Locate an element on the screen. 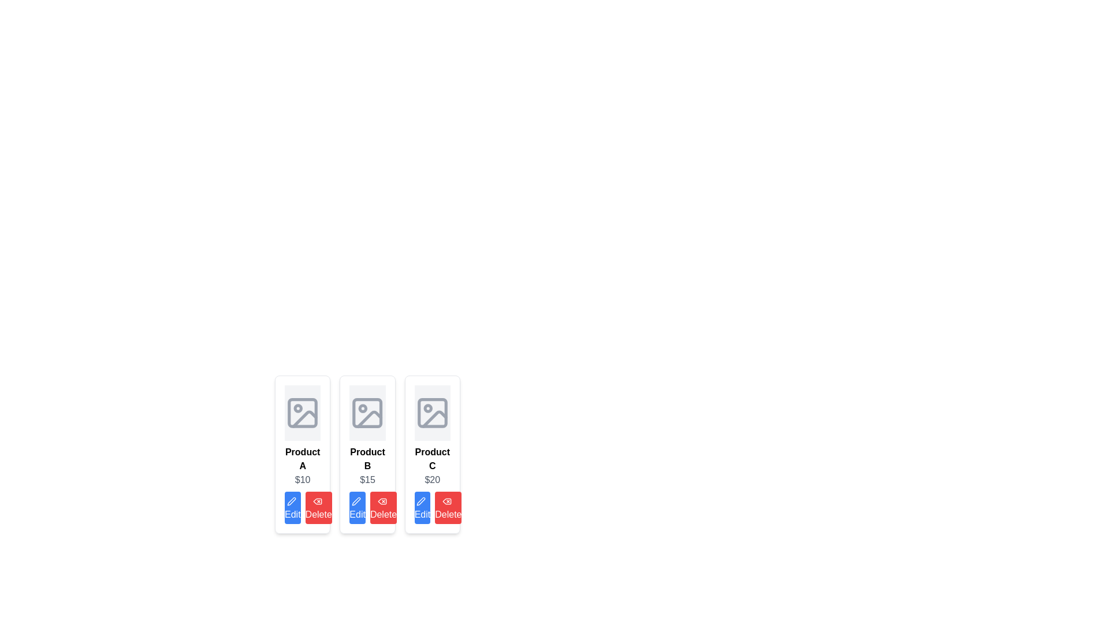  the 'Edit' icon located to the left of the textual label in the 'Edit' button for 'Product C' is located at coordinates (420, 500).